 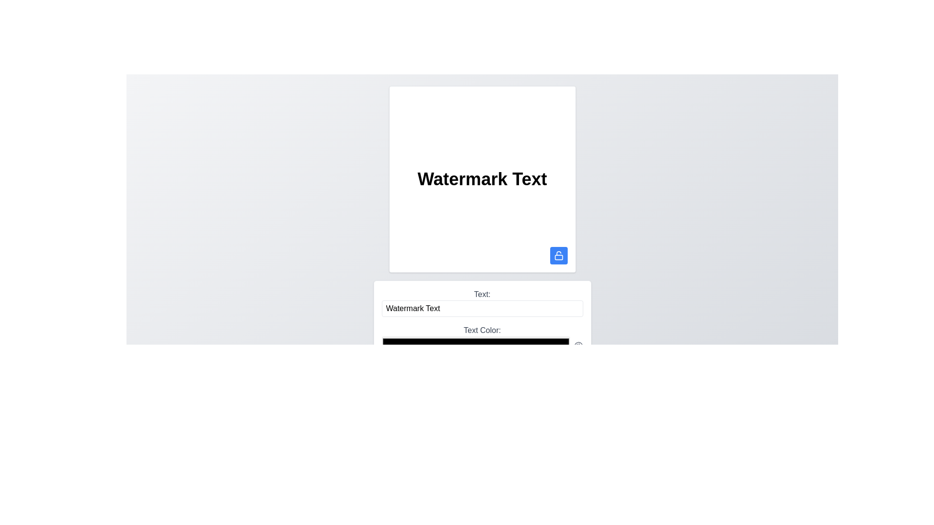 I want to click on the Color picker bar with palette icon located under the 'Text Color:' label, which is the second item in the horizontal layout, so click(x=482, y=346).